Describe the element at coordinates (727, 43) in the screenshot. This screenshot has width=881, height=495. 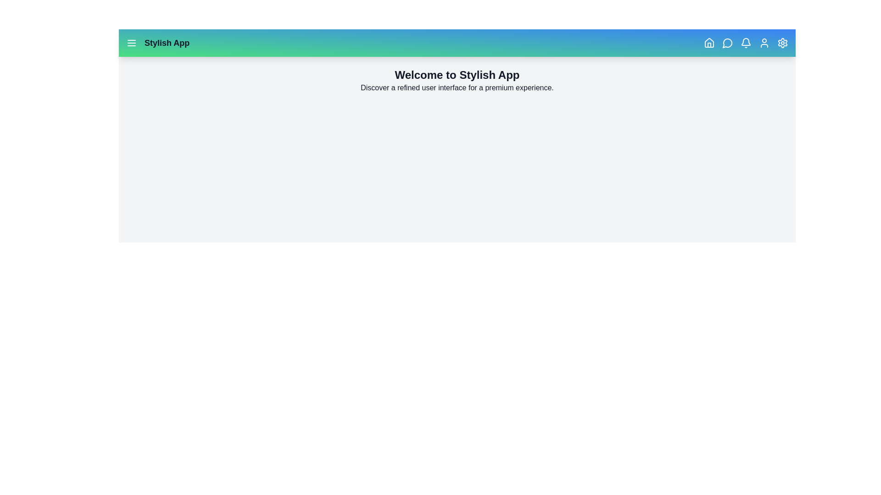
I see `the button with the MessageCircle icon to open the messaging interface` at that location.